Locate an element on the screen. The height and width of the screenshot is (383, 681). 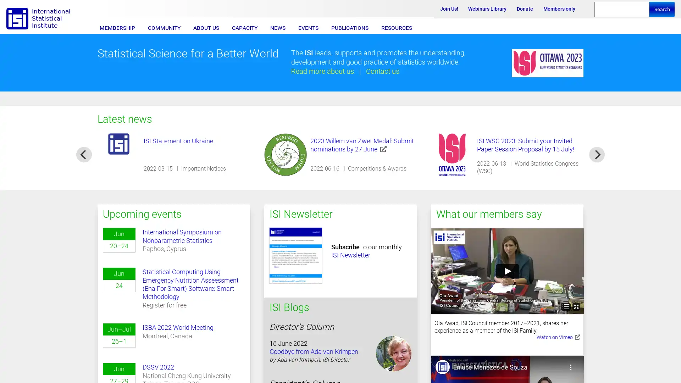
Search is located at coordinates (661, 9).